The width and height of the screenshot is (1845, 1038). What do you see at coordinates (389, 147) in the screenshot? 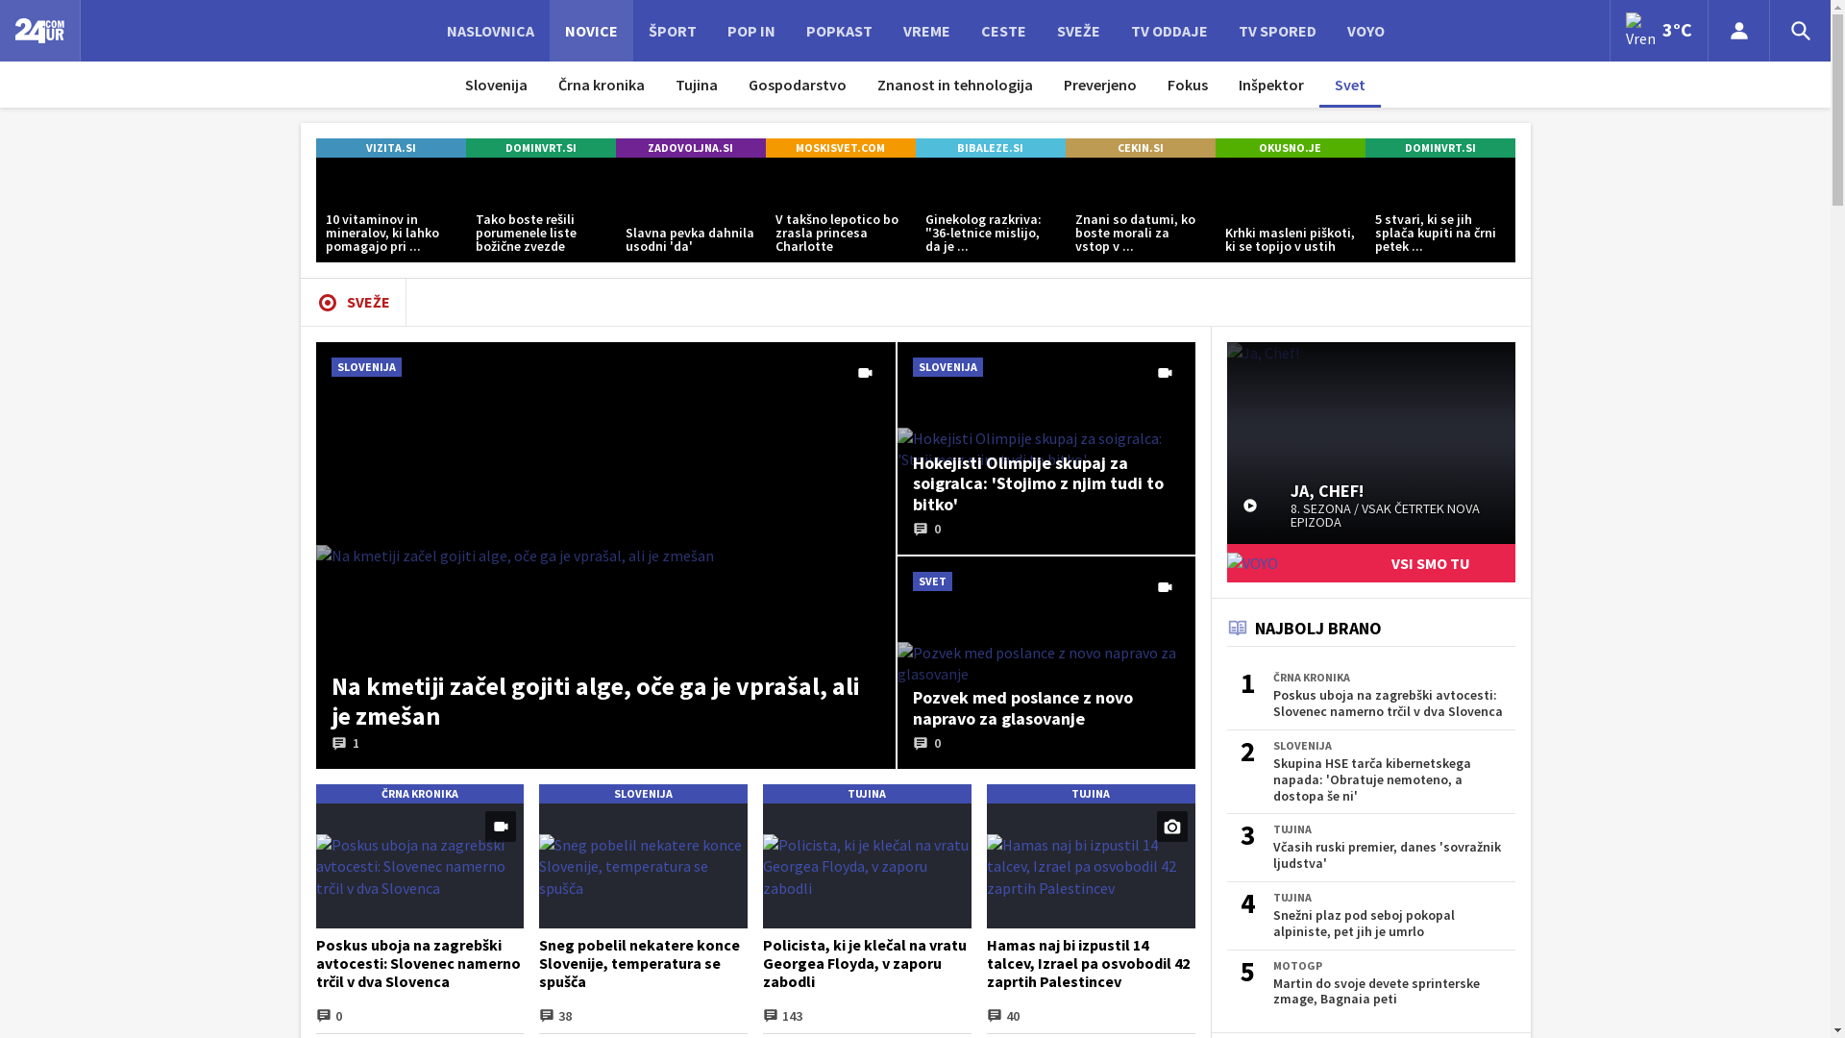
I see `'VIZITA.SI'` at bounding box center [389, 147].